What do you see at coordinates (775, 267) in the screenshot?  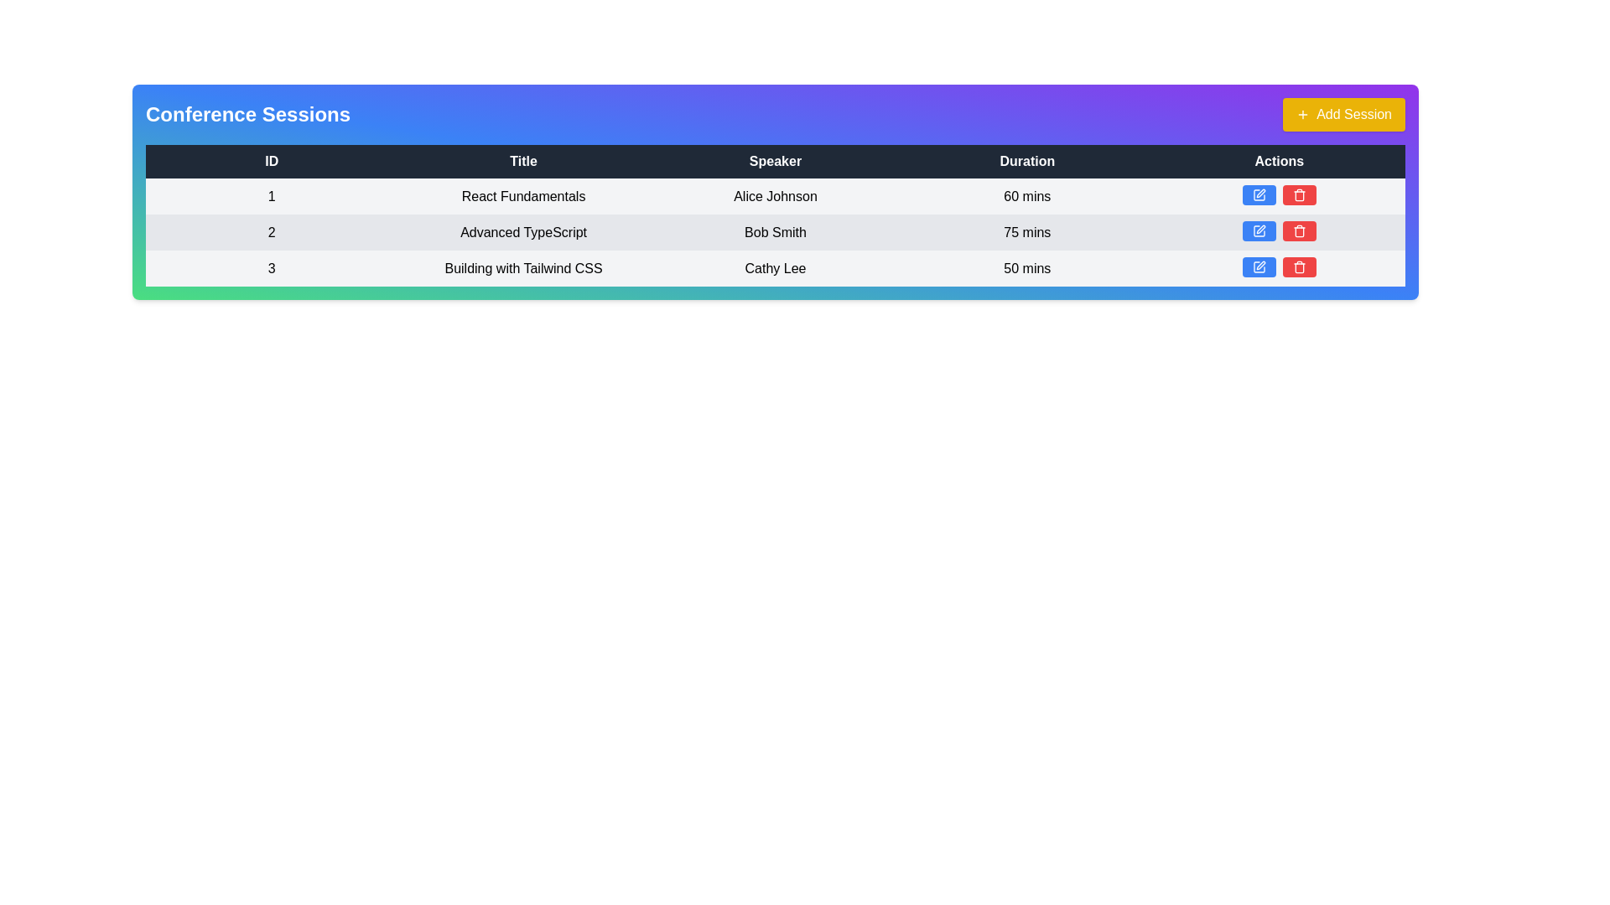 I see `the third row in the table that contains the number '3', the text 'Building with Tailwind CSS', the speaker's name 'Cathy Lee', the duration '50 mins', and interactive buttons for editing and deleting` at bounding box center [775, 267].